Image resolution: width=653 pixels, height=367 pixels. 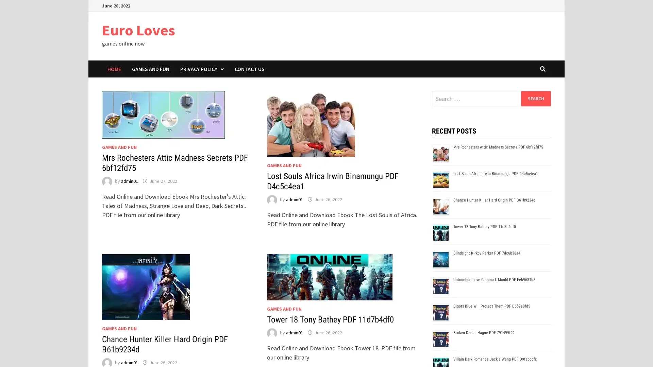 What do you see at coordinates (535, 98) in the screenshot?
I see `Search` at bounding box center [535, 98].